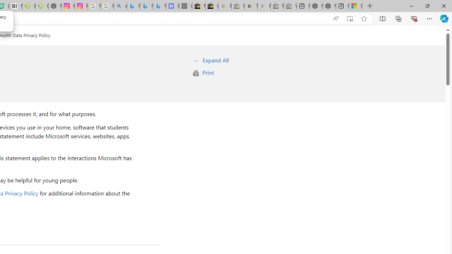 Image resolution: width=452 pixels, height=254 pixels. I want to click on 'Expand All', so click(215, 60).